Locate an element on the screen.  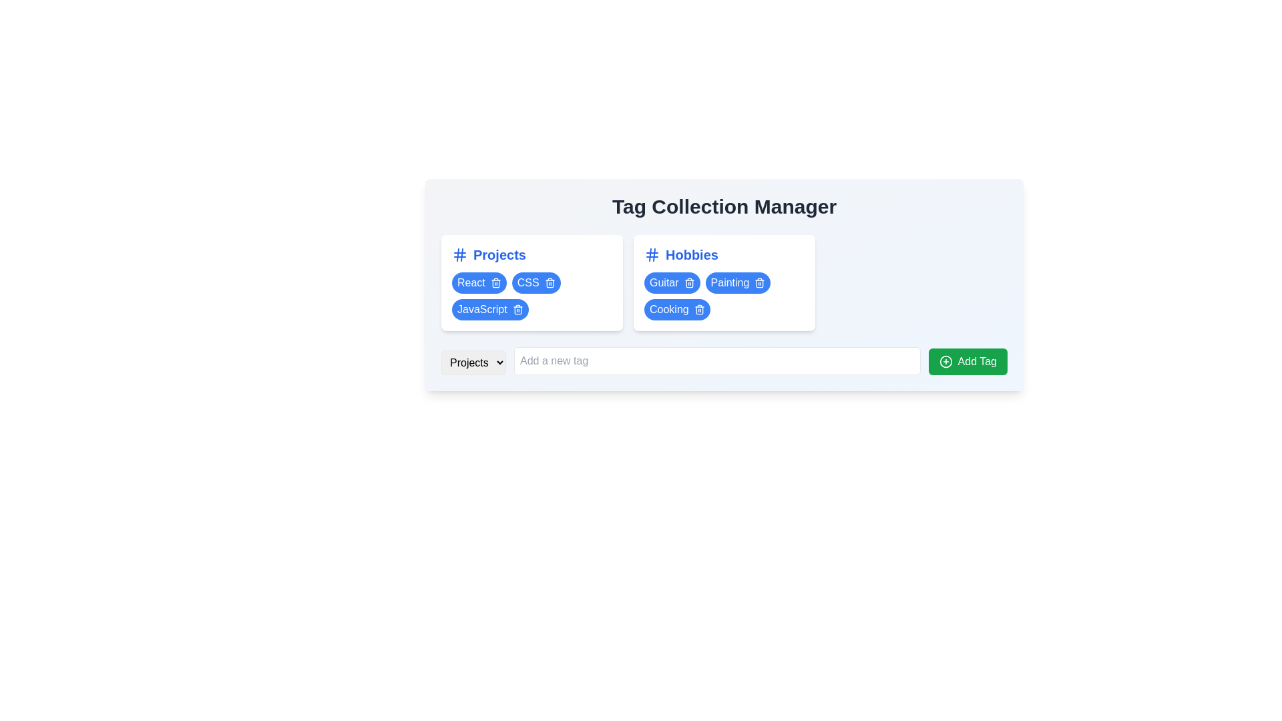
the 'Add Tag' button with a green background and white text is located at coordinates (968, 362).